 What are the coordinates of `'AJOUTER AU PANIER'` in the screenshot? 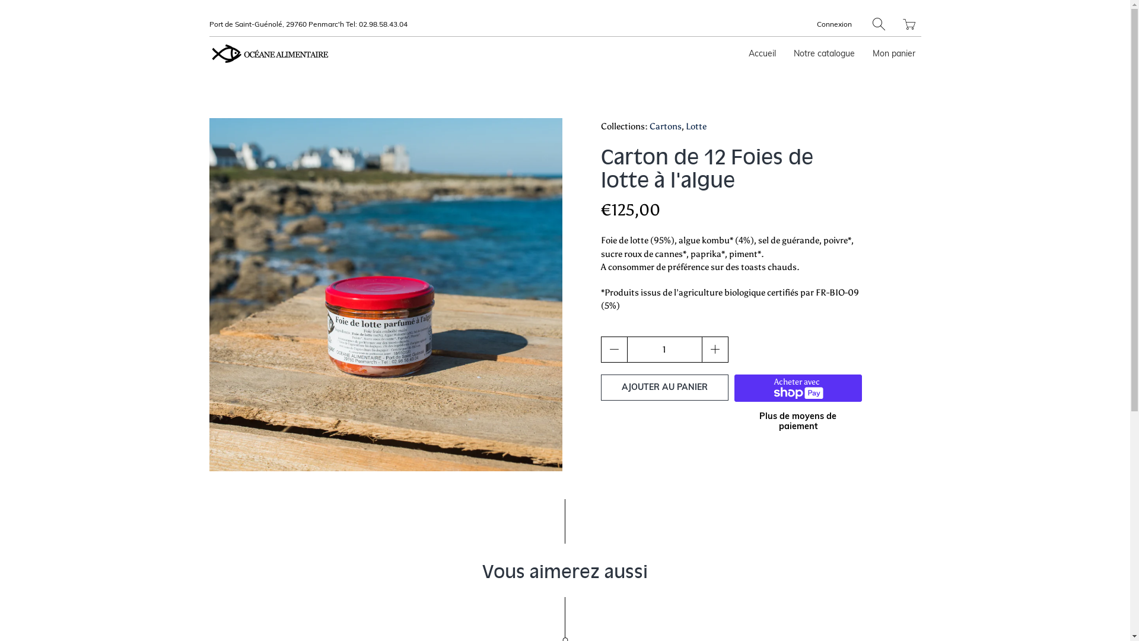 It's located at (663, 387).